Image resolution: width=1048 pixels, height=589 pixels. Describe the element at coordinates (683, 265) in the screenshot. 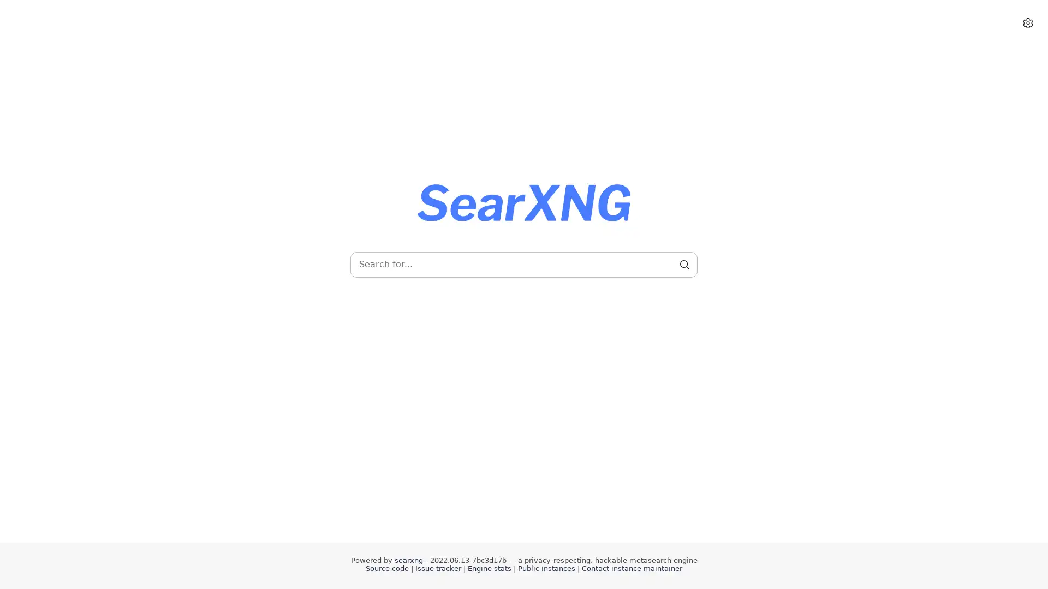

I see `search` at that location.